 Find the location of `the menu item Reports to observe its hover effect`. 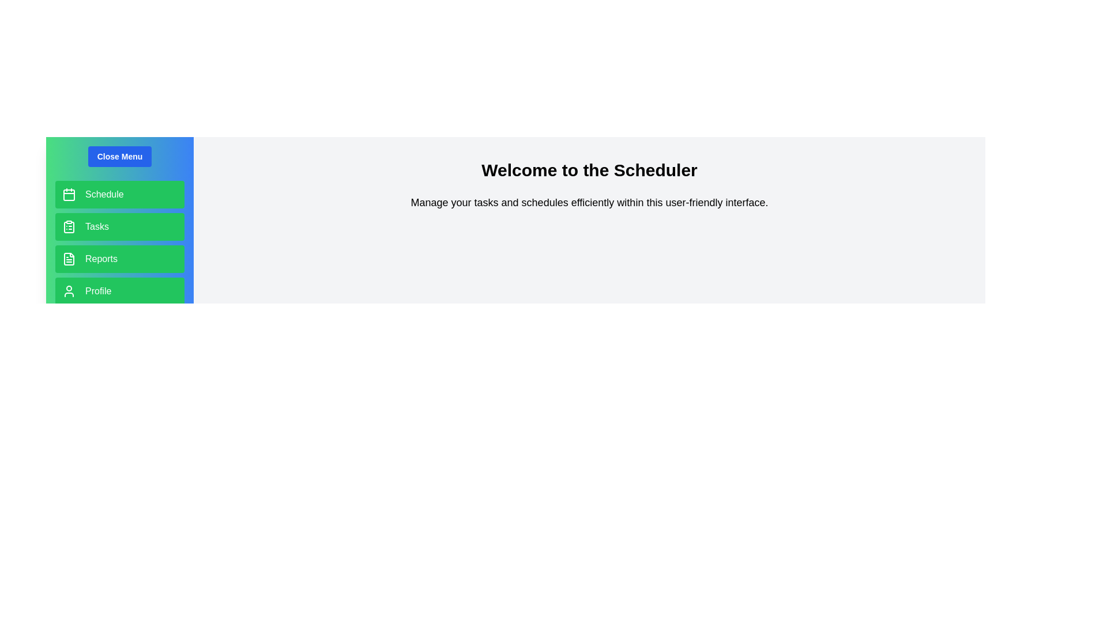

the menu item Reports to observe its hover effect is located at coordinates (119, 259).